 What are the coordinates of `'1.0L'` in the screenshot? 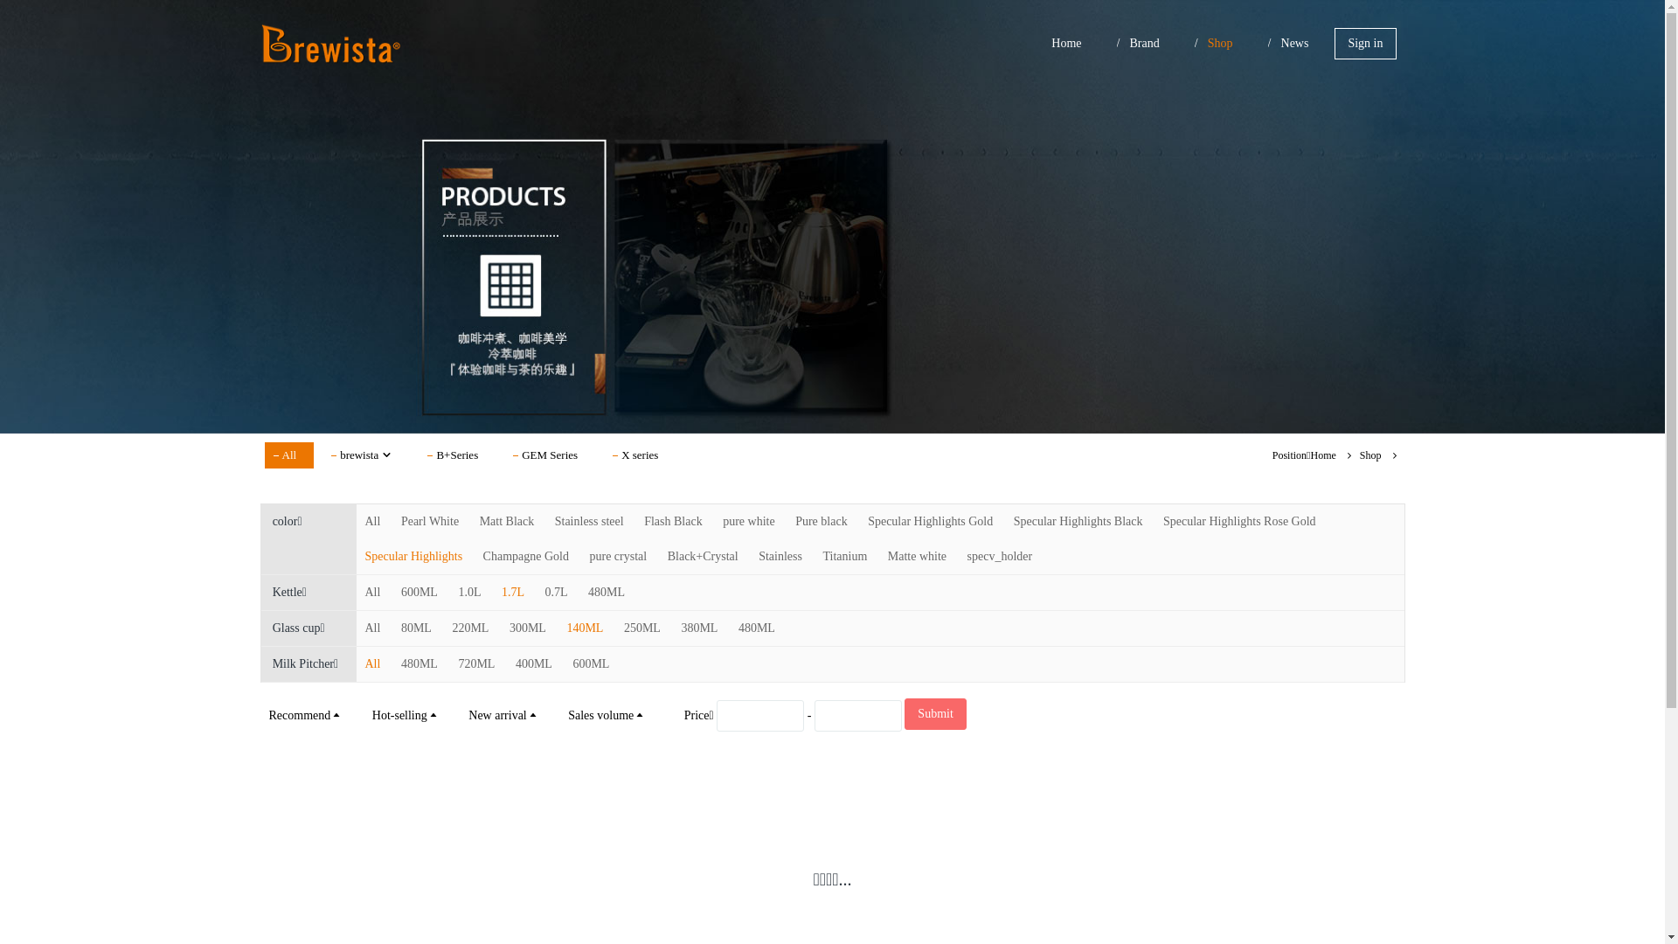 It's located at (469, 591).